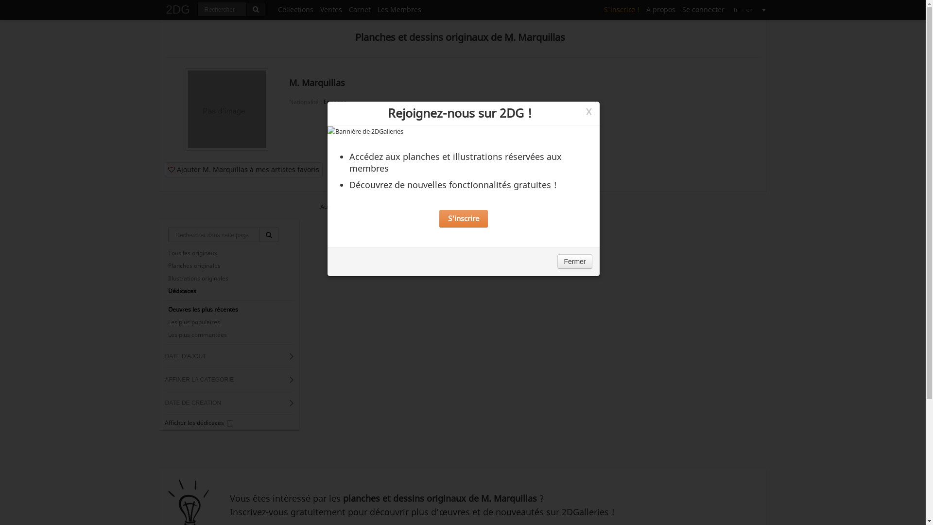  I want to click on 'A propos', so click(660, 9).